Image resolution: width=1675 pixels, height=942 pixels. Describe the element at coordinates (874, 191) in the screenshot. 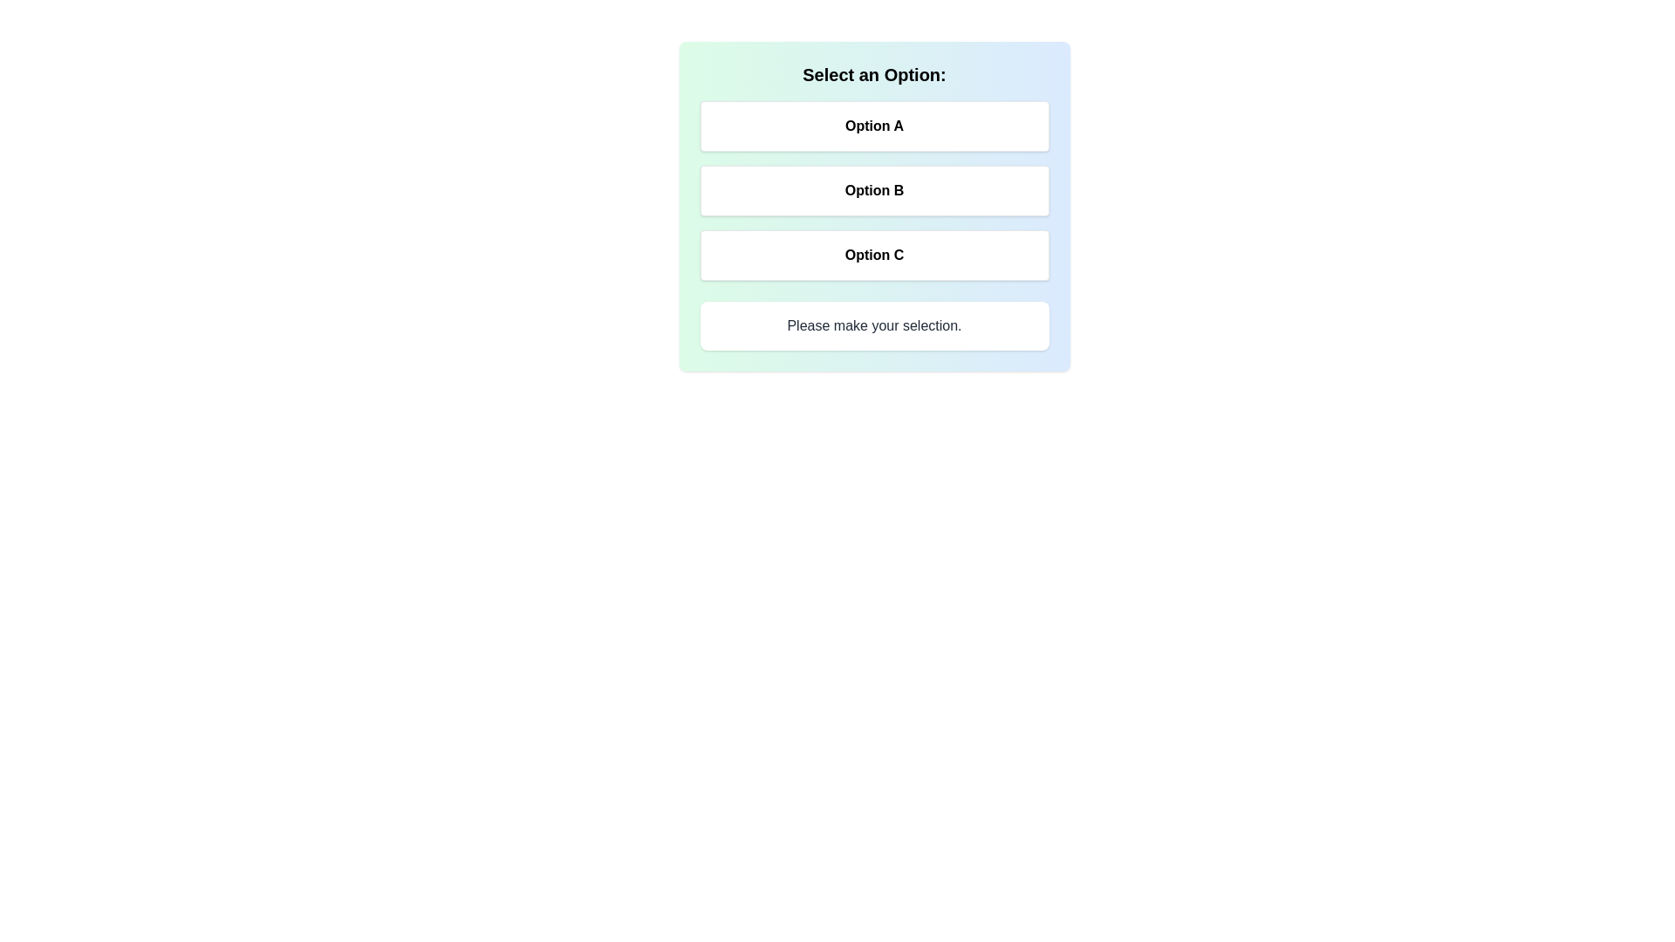

I see `text content of the label for 'Option B', which is located in the second button of a vertically arranged list of options` at that location.